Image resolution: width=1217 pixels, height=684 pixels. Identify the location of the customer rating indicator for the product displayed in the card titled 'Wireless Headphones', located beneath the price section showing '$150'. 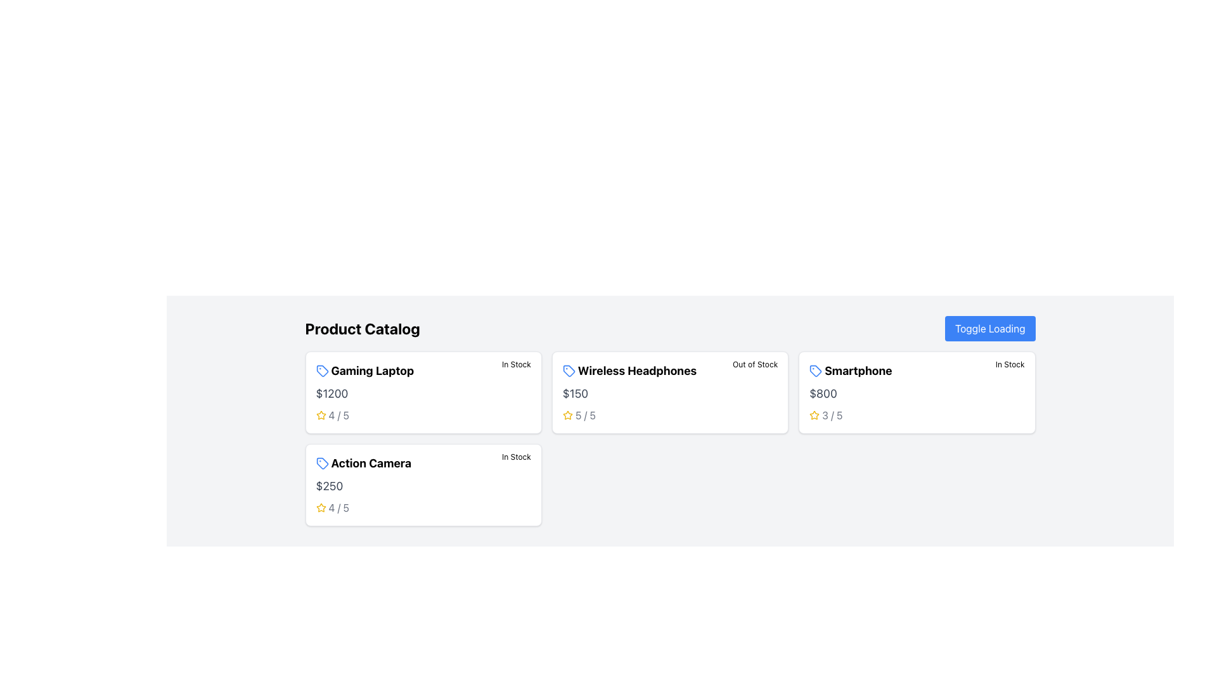
(578, 415).